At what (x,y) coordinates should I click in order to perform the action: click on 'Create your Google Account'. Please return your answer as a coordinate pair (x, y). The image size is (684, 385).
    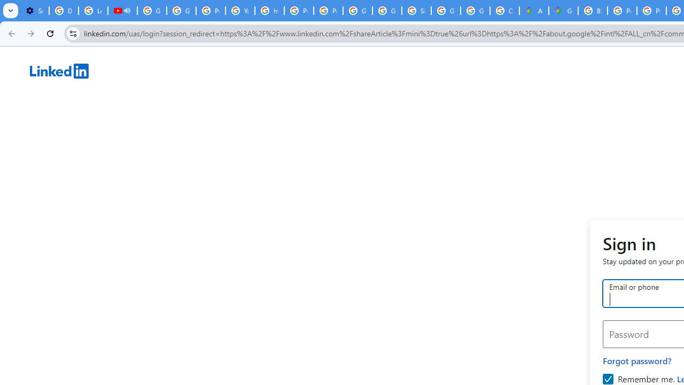
    Looking at the image, I should click on (504, 11).